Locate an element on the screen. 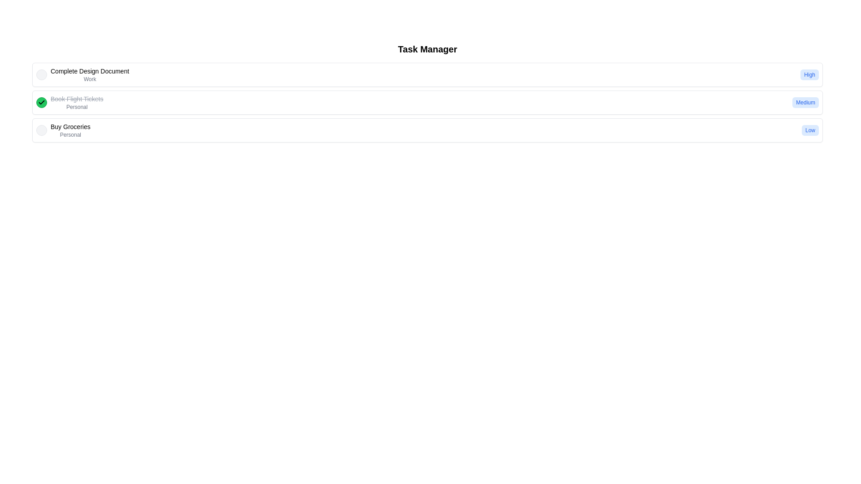 Image resolution: width=861 pixels, height=484 pixels. the 'Buy Groceries' task item in the Task Manager is located at coordinates (63, 130).